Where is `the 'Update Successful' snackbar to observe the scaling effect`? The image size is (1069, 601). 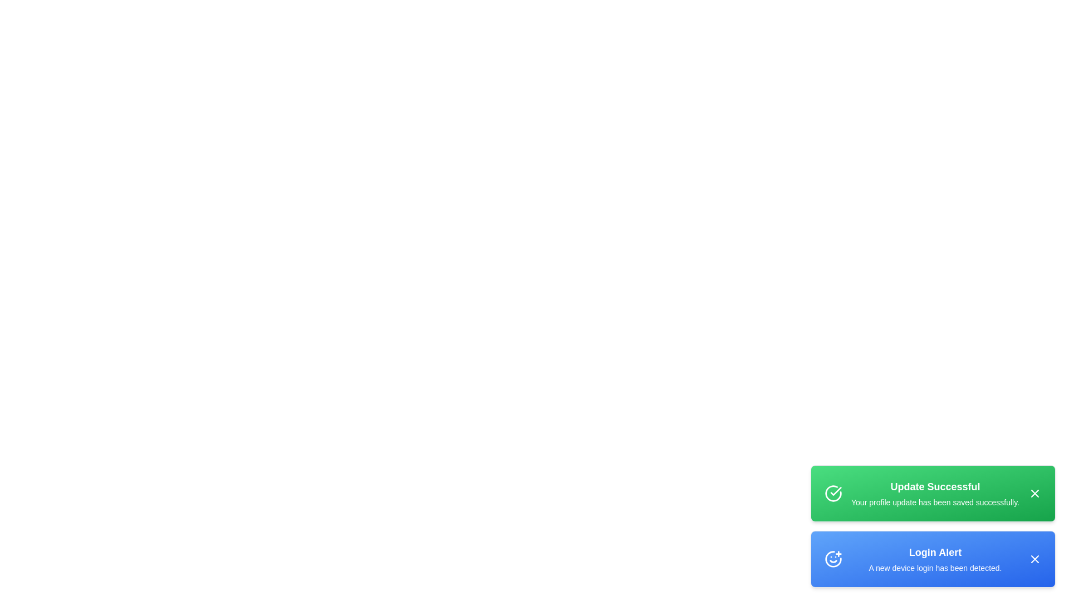 the 'Update Successful' snackbar to observe the scaling effect is located at coordinates (933, 493).